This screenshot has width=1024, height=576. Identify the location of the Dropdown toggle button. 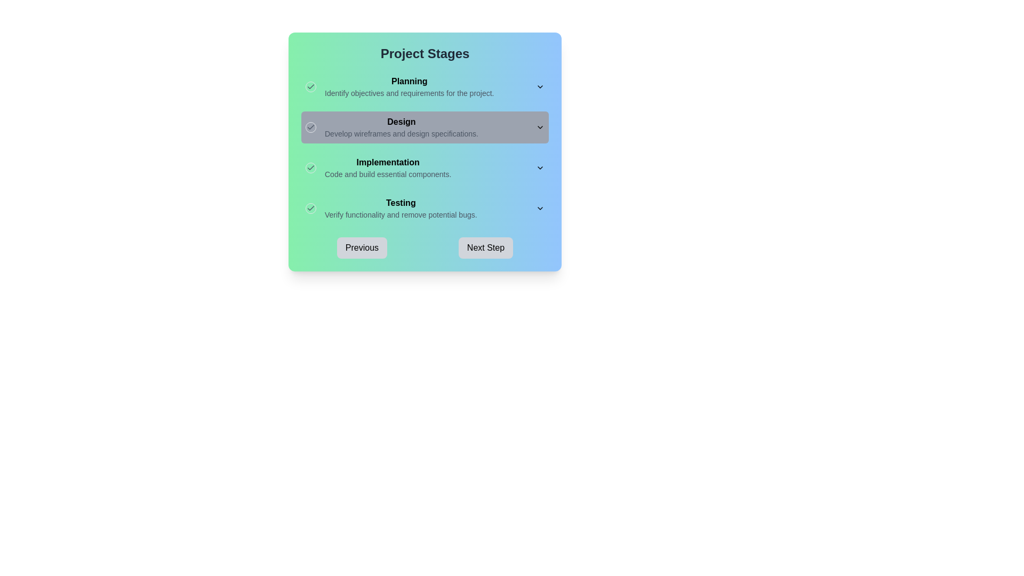
(540, 208).